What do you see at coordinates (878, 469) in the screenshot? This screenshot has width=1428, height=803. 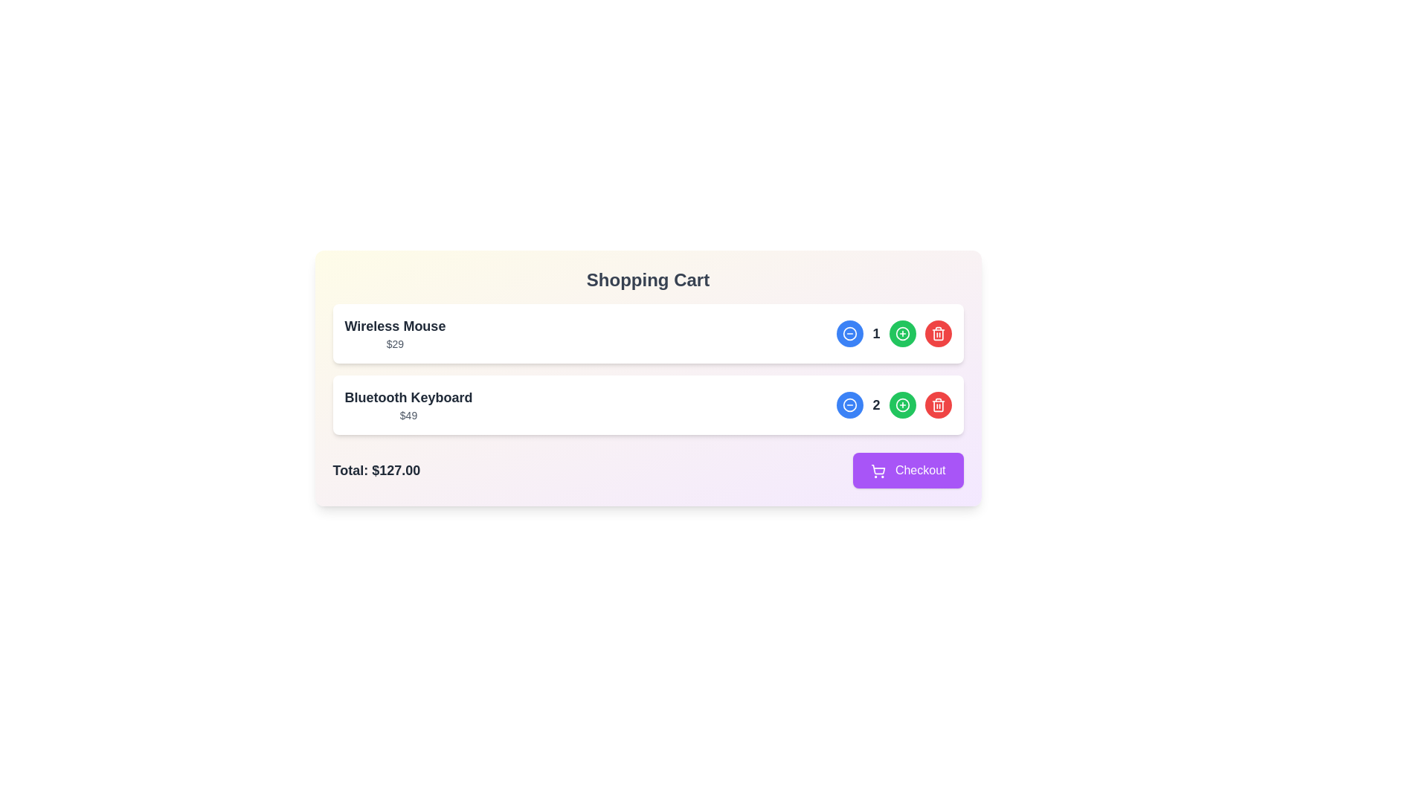 I see `the SVG-based shopping cart icon located in the purple 'Checkout' button at the bottom right of the shopping cart interface` at bounding box center [878, 469].